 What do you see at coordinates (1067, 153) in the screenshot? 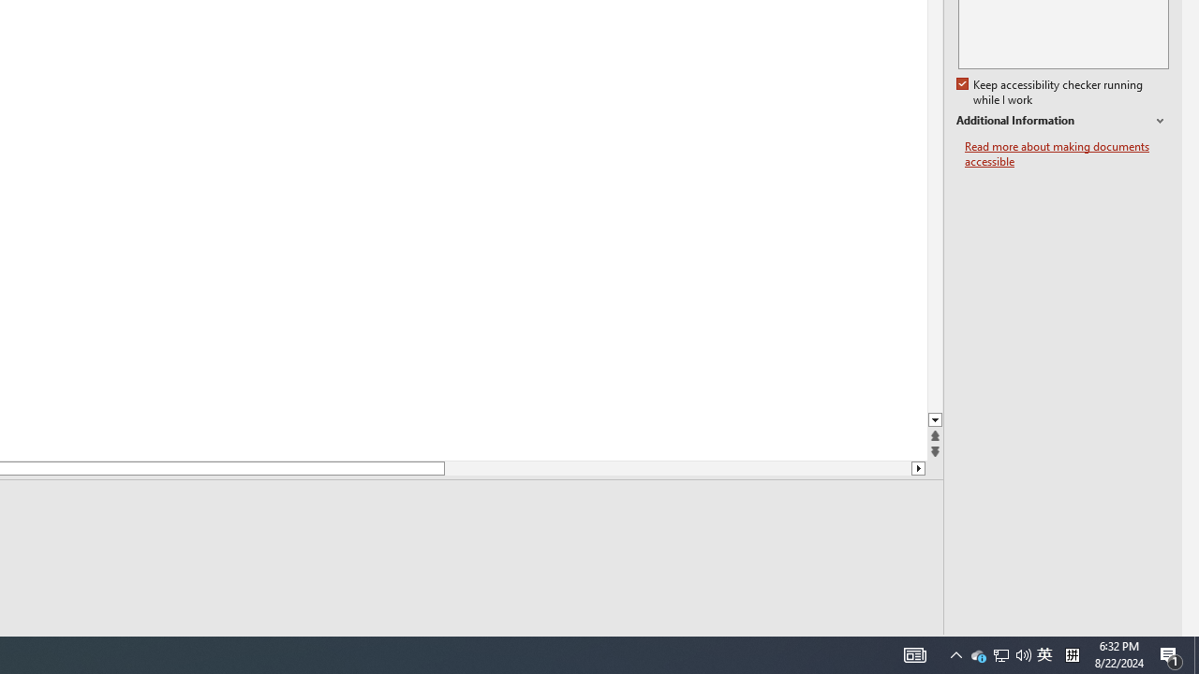
I see `'Read more about making documents accessible'` at bounding box center [1067, 153].